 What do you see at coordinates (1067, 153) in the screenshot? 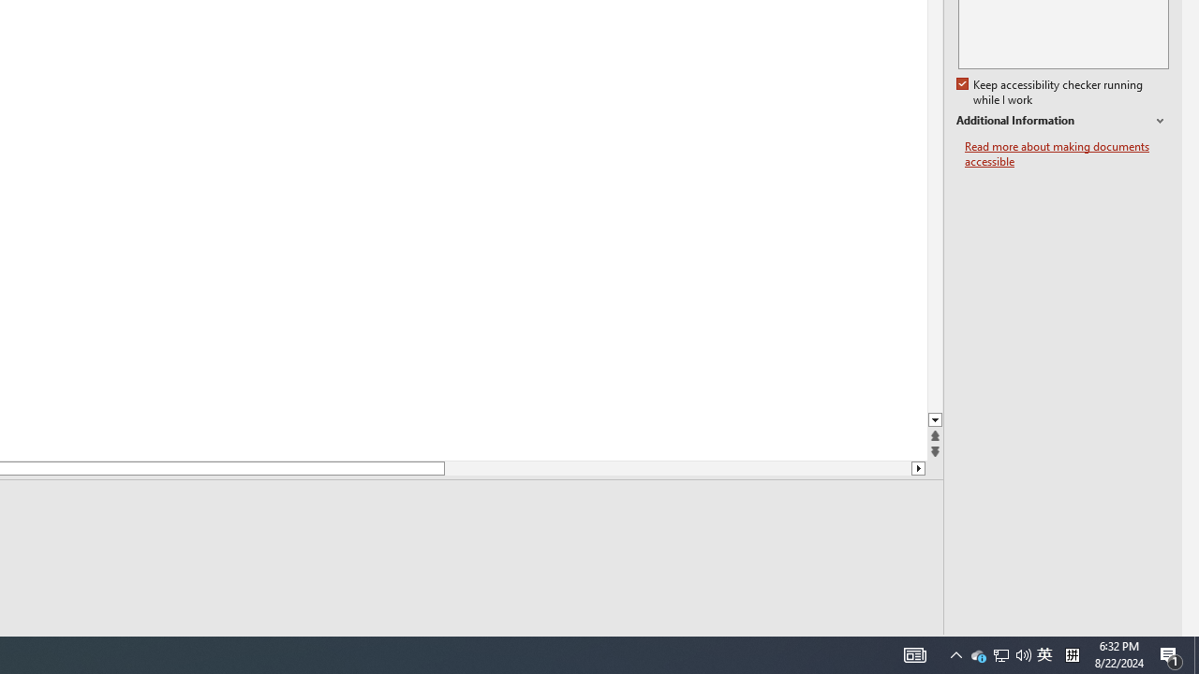
I see `'Read more about making documents accessible'` at bounding box center [1067, 153].